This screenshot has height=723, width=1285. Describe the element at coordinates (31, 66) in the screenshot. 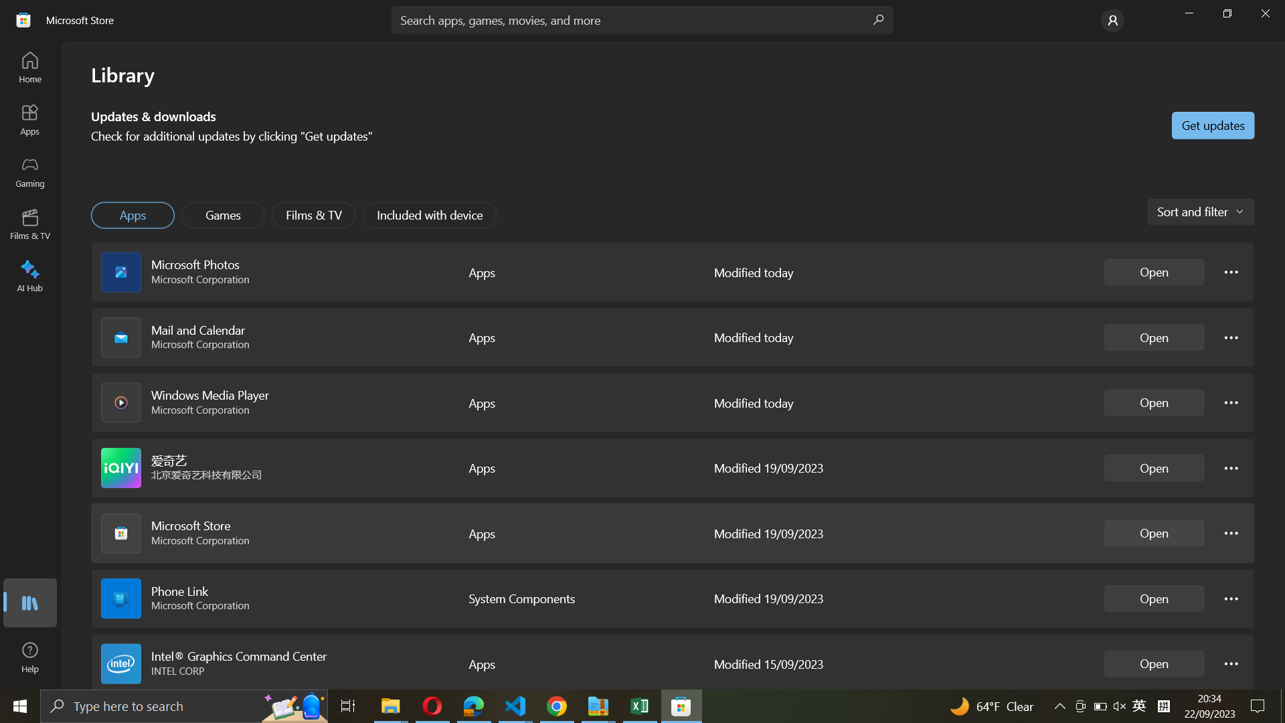

I see `Home Screen` at that location.